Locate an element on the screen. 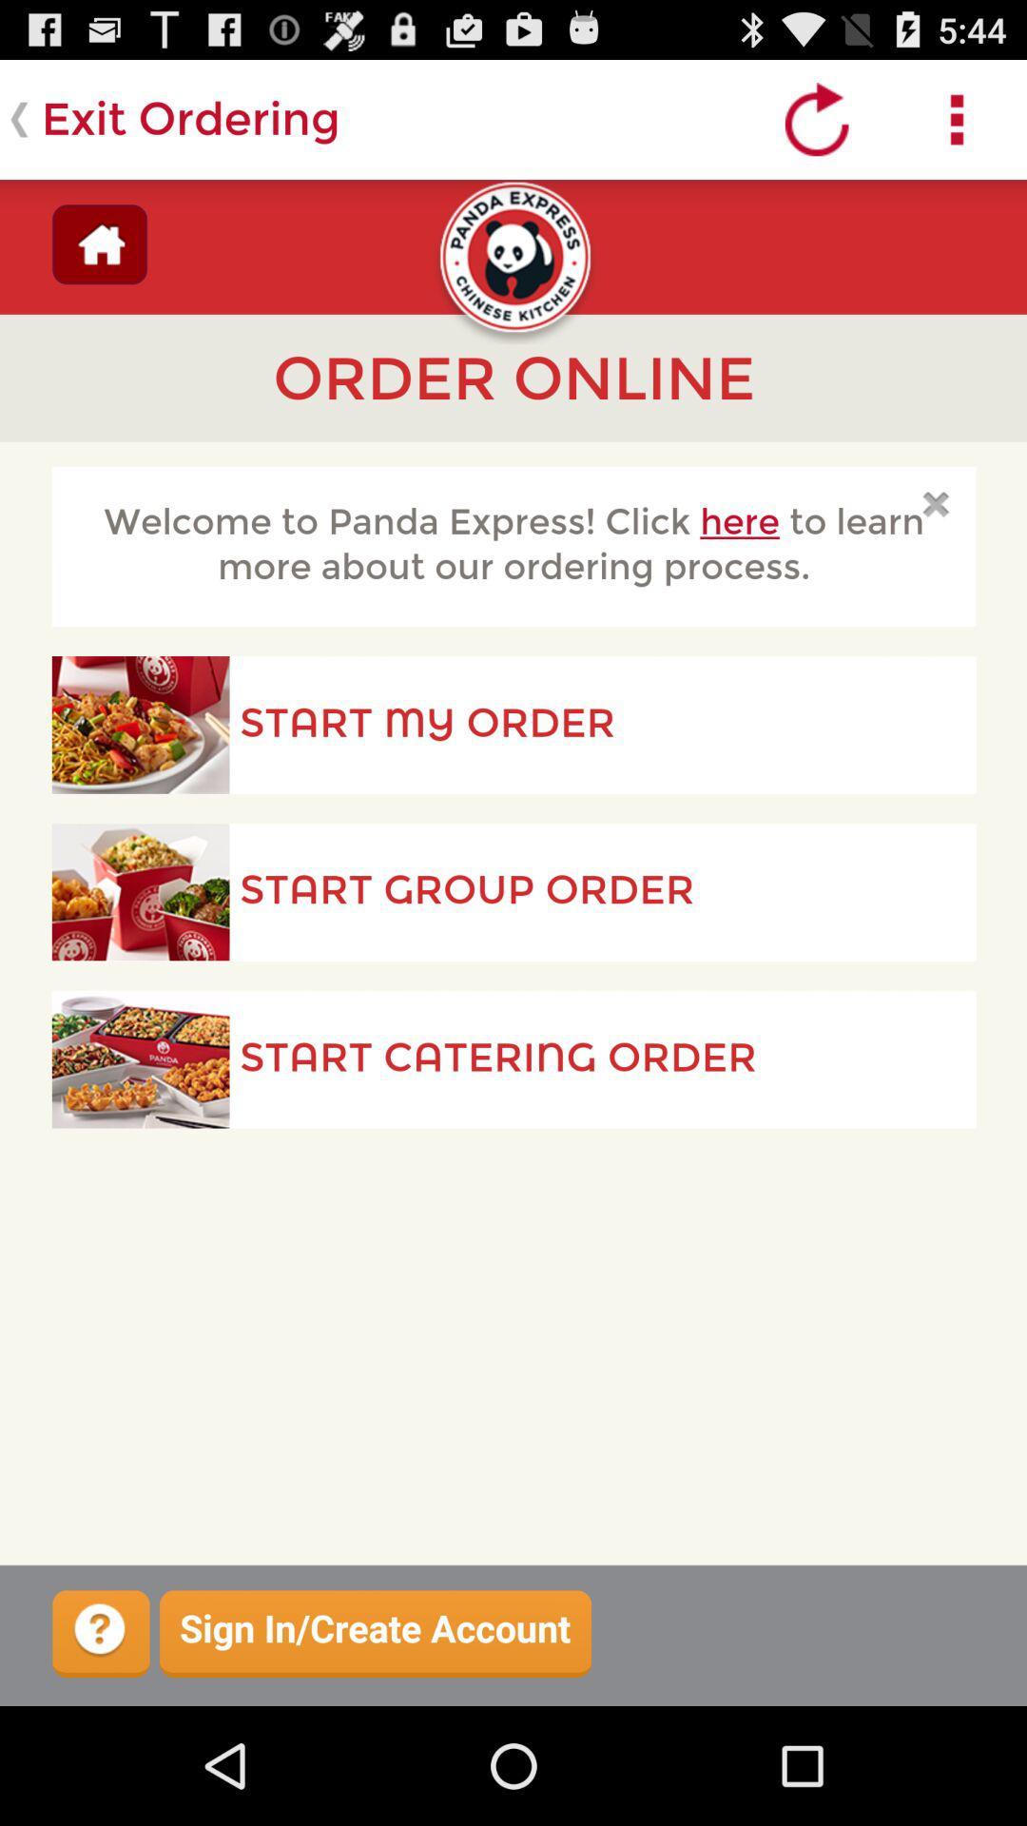 Image resolution: width=1027 pixels, height=1826 pixels. open settings is located at coordinates (957, 118).